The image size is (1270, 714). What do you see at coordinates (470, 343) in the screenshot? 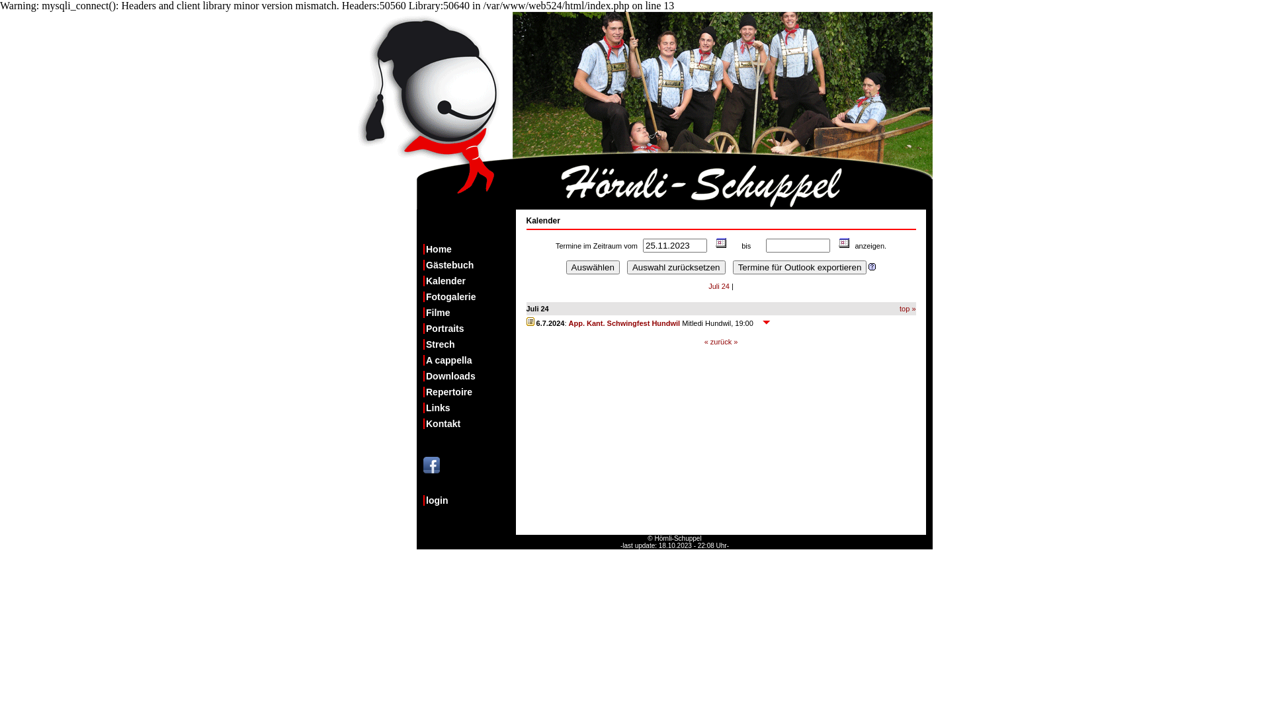
I see `'Strech'` at bounding box center [470, 343].